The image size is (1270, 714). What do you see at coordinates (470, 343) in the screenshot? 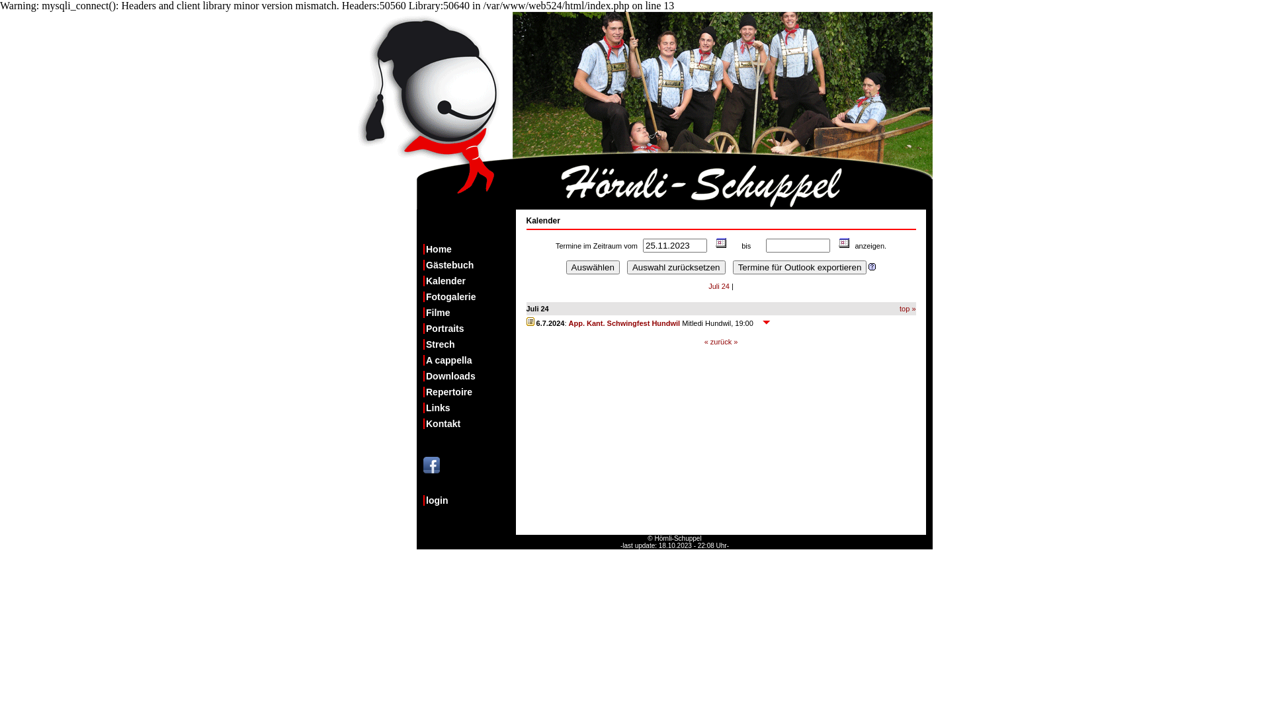
I see `'Strech'` at bounding box center [470, 343].